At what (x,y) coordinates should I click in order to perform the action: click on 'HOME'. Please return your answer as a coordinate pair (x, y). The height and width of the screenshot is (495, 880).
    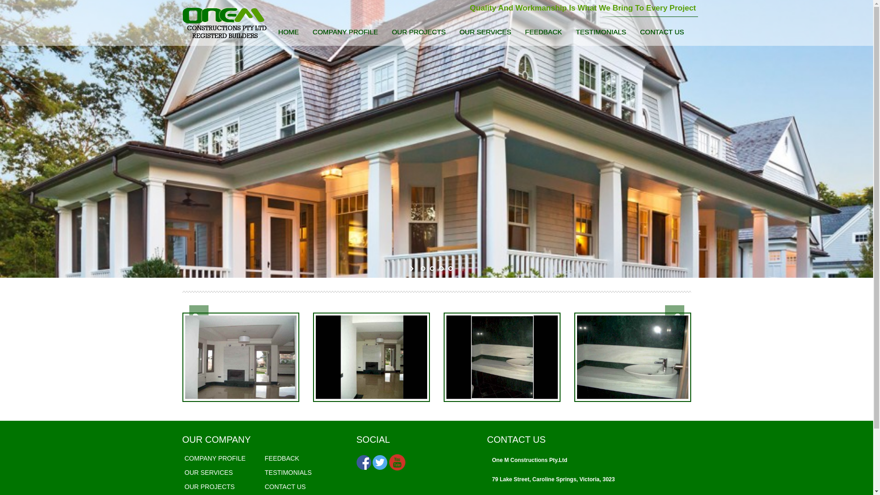
    Looking at the image, I should click on (288, 33).